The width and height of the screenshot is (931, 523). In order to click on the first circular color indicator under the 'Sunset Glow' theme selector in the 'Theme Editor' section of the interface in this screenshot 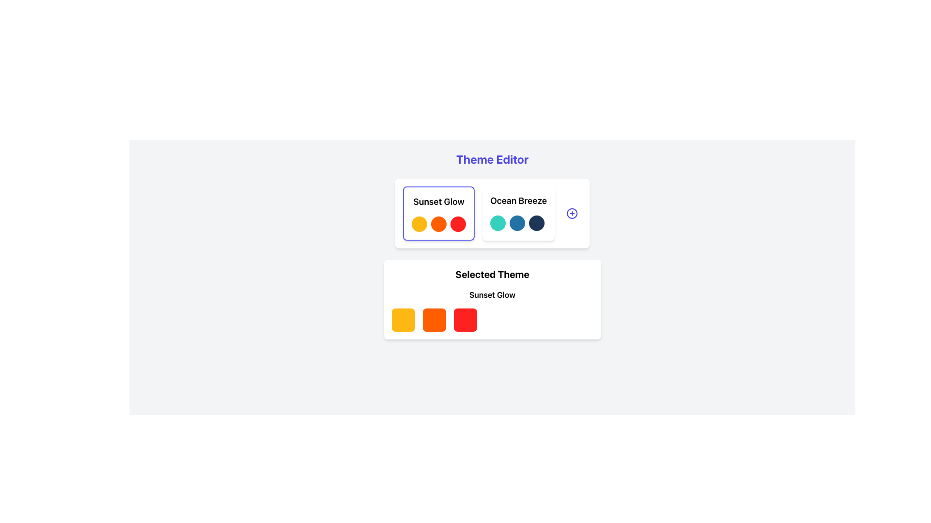, I will do `click(419, 224)`.